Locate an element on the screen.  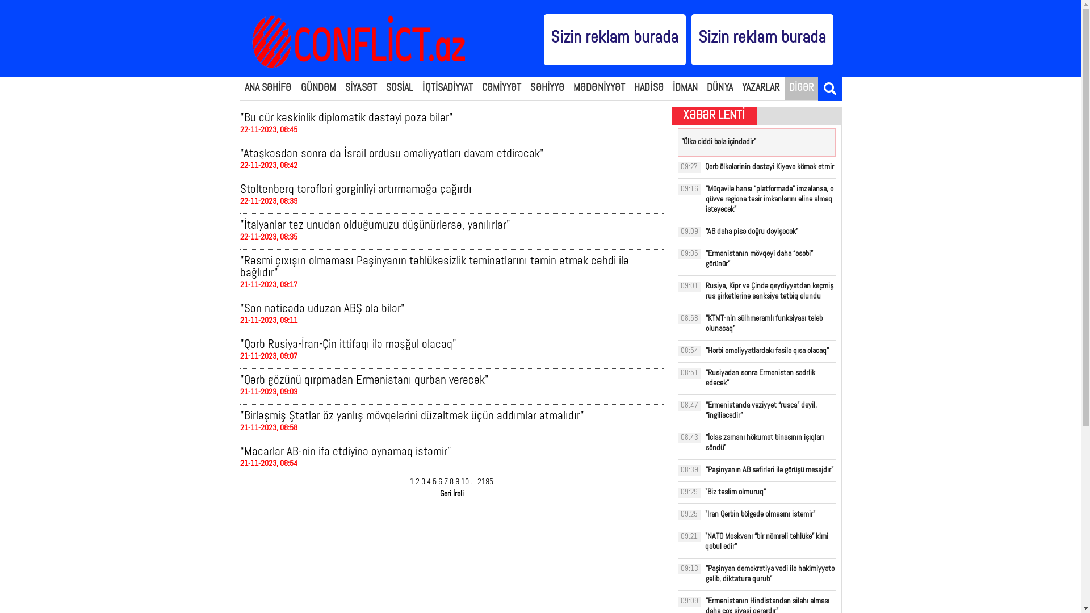
'YAZARLAR' is located at coordinates (737, 87).